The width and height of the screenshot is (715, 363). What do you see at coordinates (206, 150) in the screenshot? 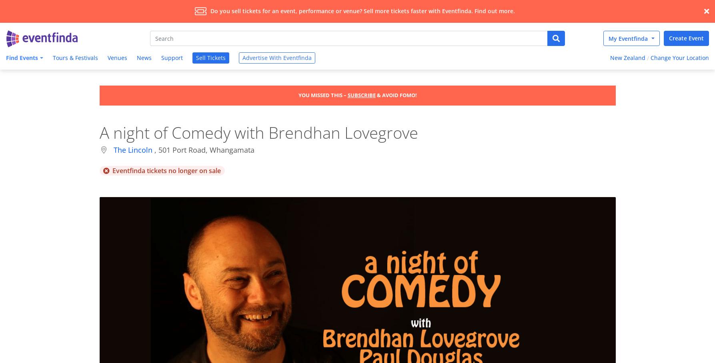
I see `'501 Port Road, Whangamata'` at bounding box center [206, 150].